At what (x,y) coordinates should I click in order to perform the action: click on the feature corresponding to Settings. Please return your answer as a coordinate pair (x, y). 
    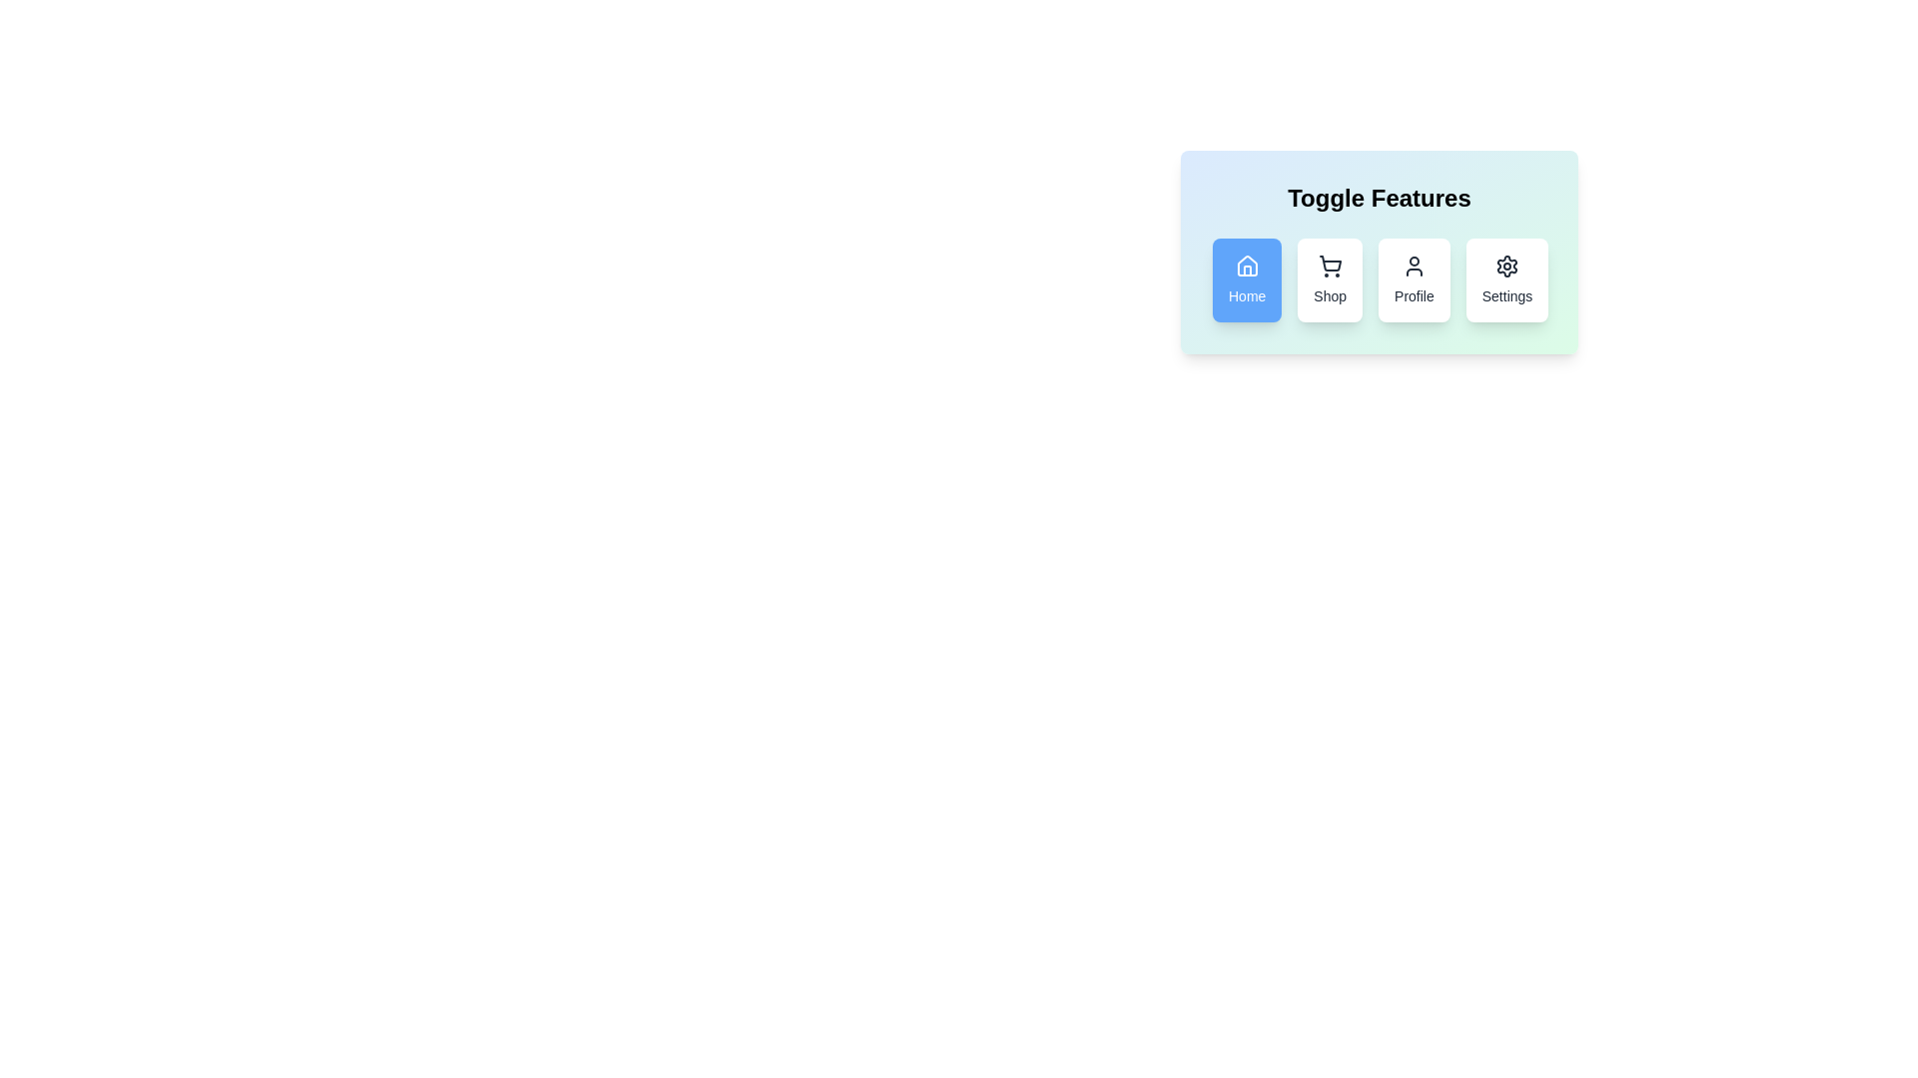
    Looking at the image, I should click on (1507, 280).